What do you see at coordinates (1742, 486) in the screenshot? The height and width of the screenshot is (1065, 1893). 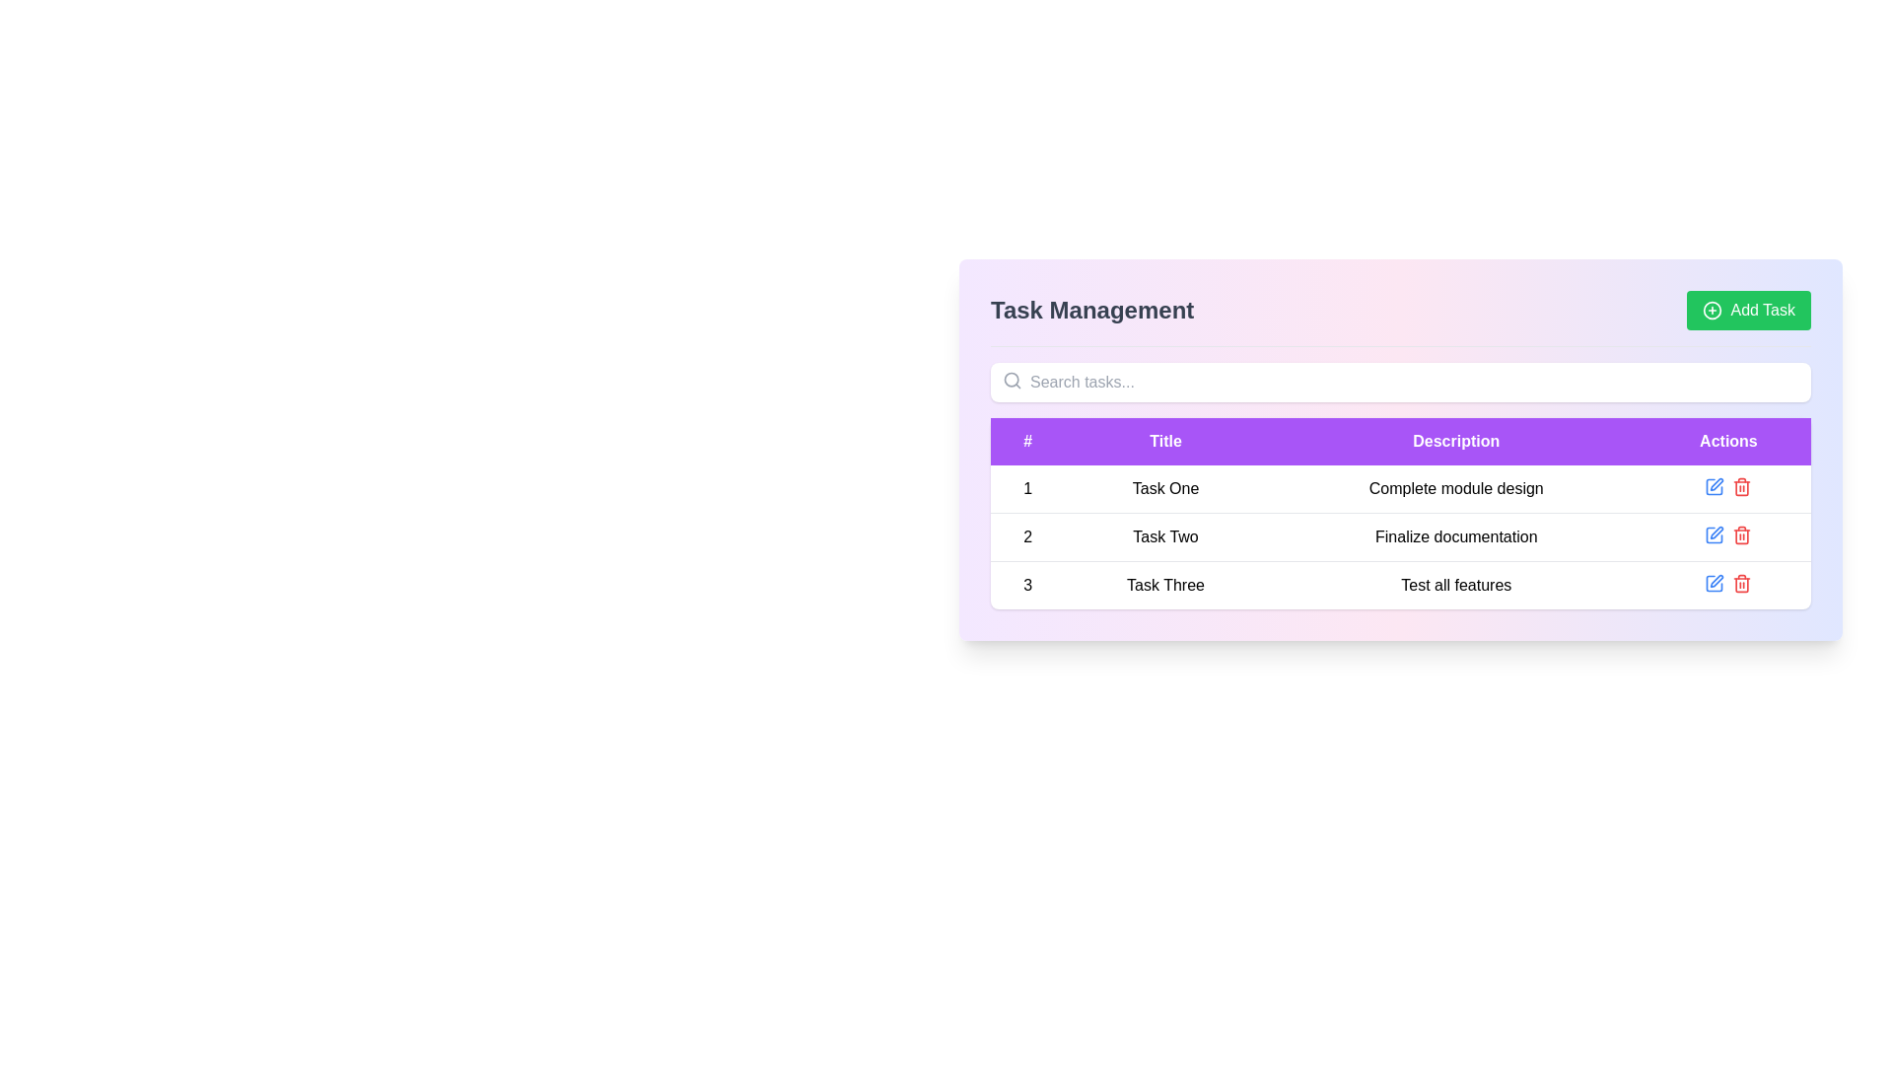 I see `the delete icon button located in the 'Actions' column of the task list for 'Complete module design' in the first row` at bounding box center [1742, 486].